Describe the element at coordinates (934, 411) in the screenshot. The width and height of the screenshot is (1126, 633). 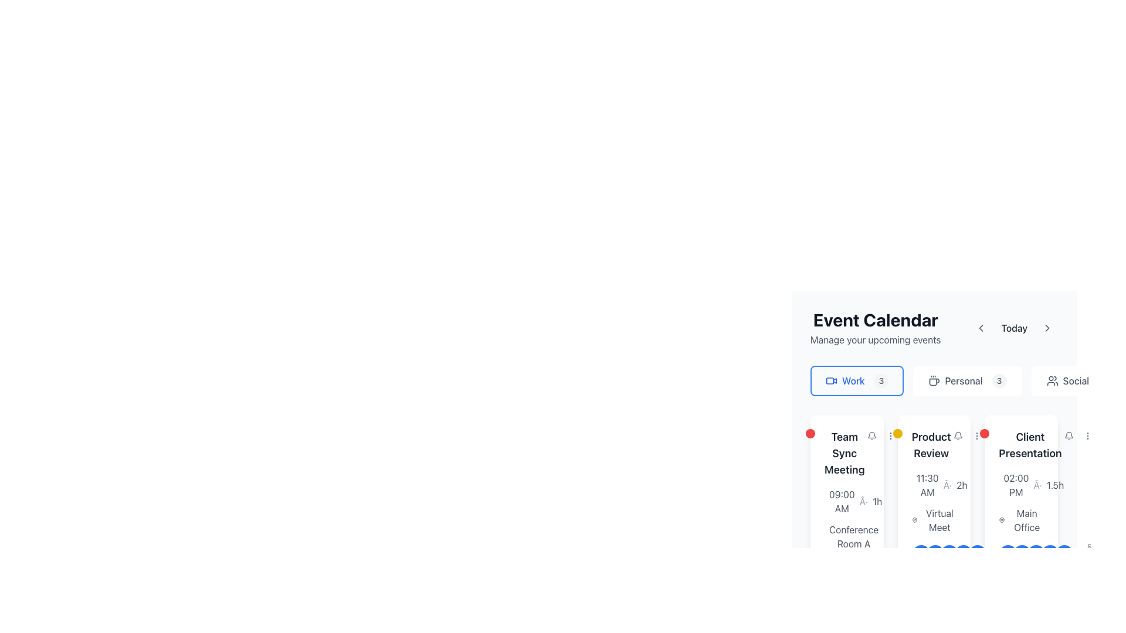
I see `the Event Card labeled 'Product Review', which is positioned in the middle of three event cards in a grid layout` at that location.